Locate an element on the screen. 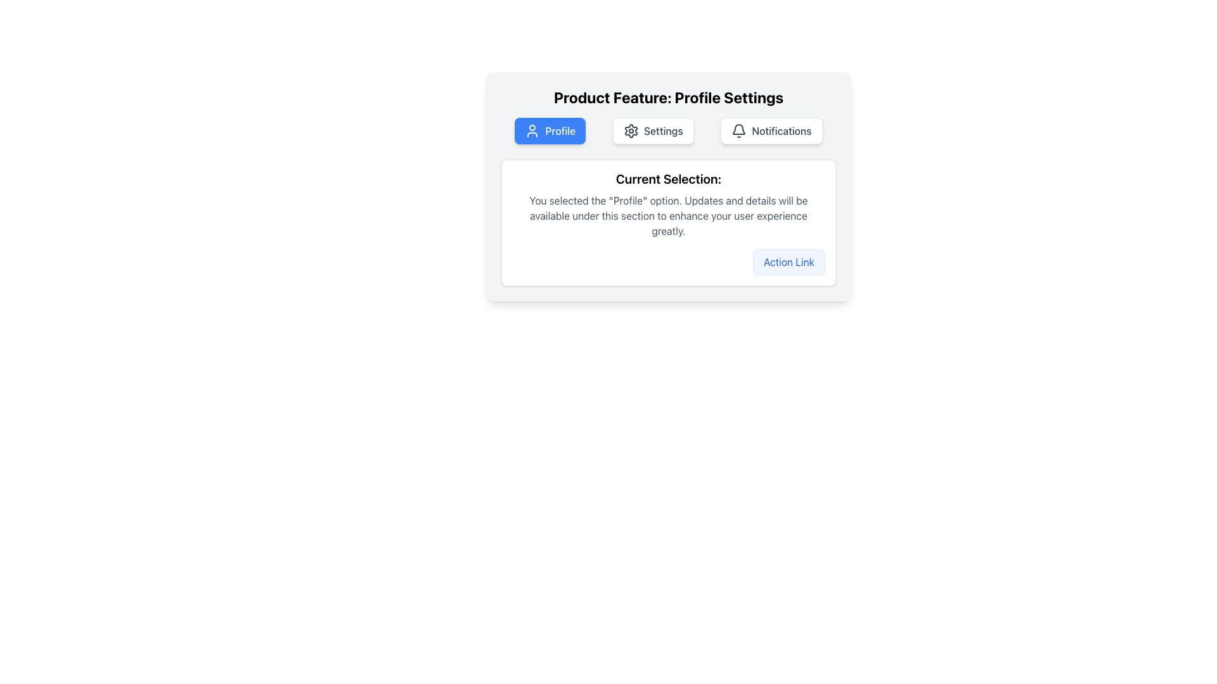 This screenshot has height=684, width=1217. the text display element that reads 'Product Feature: Profile Settings' at the top of the content card is located at coordinates (668, 97).